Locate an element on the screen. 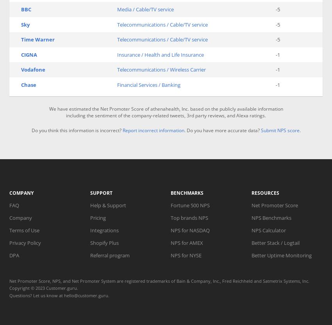  'Sky' is located at coordinates (25, 23).